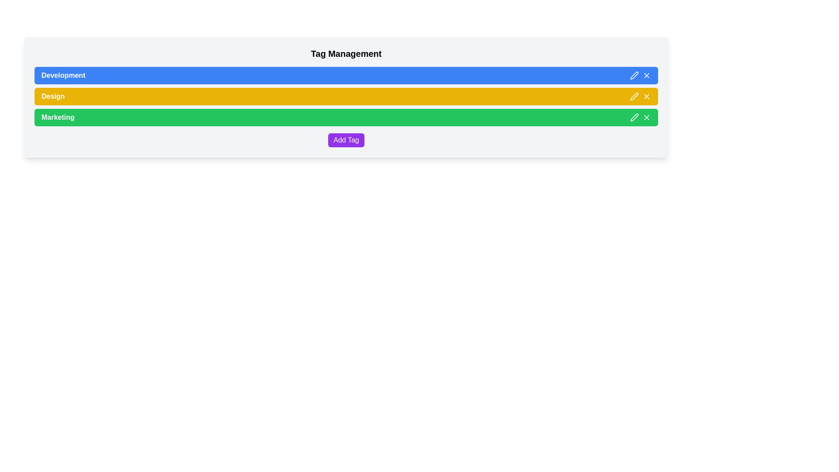 The image size is (839, 472). What do you see at coordinates (346, 96) in the screenshot?
I see `the 'Design' text in the Tag or category bar with a yellow background` at bounding box center [346, 96].